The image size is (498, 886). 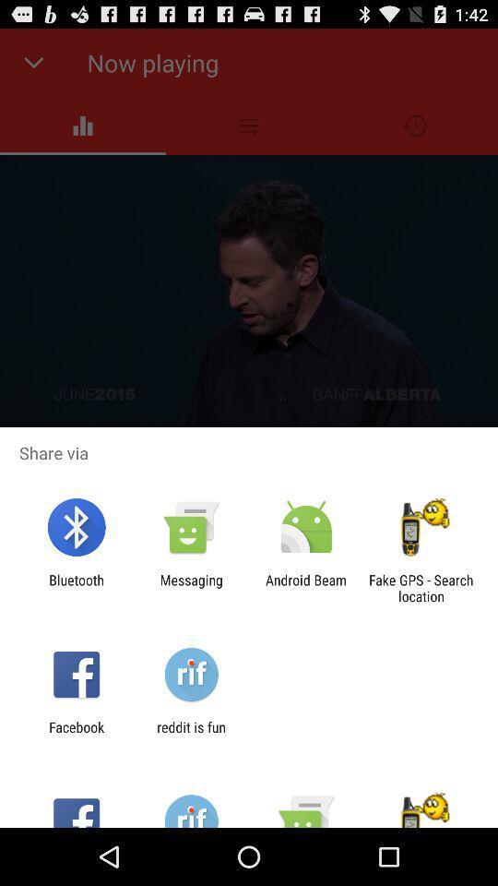 What do you see at coordinates (76, 587) in the screenshot?
I see `the bluetooth icon` at bounding box center [76, 587].